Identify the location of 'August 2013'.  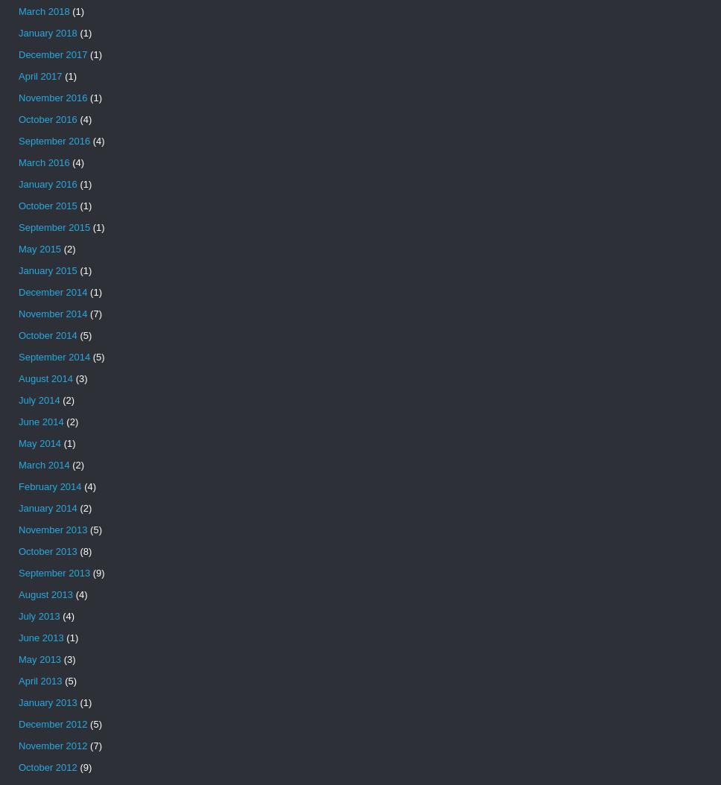
(45, 594).